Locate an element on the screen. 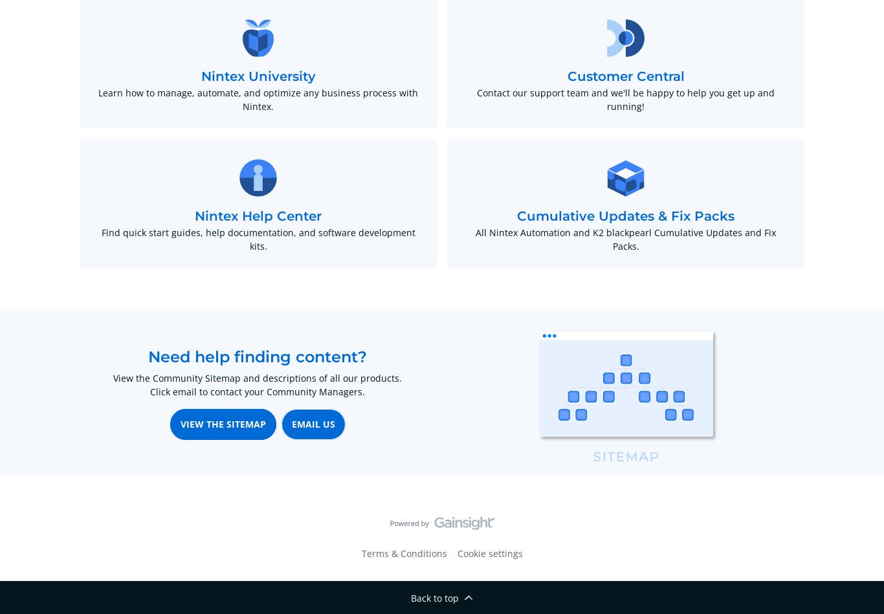 This screenshot has width=884, height=614. 'Back to top' is located at coordinates (434, 597).